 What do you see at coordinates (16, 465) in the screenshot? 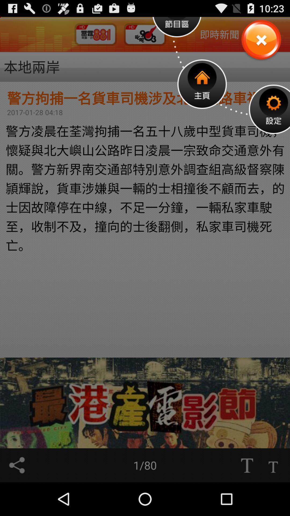
I see `share option` at bounding box center [16, 465].